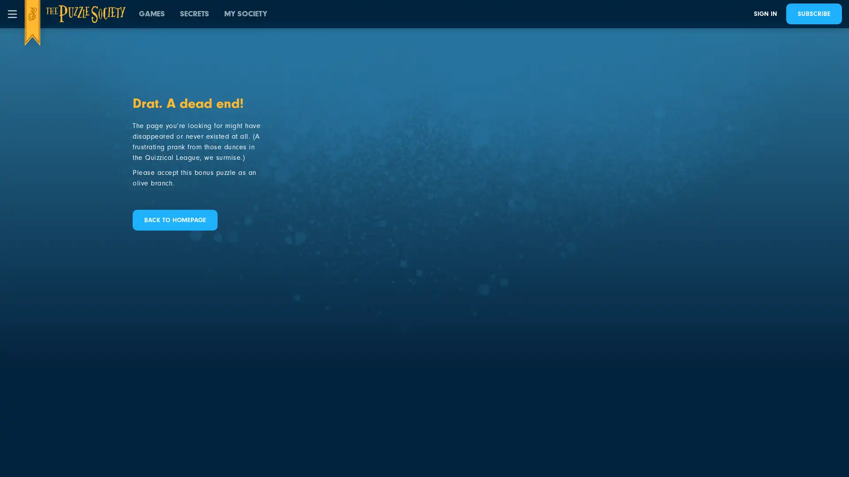  Describe the element at coordinates (175, 219) in the screenshot. I see `BACK TO HOMEPAGE` at that location.